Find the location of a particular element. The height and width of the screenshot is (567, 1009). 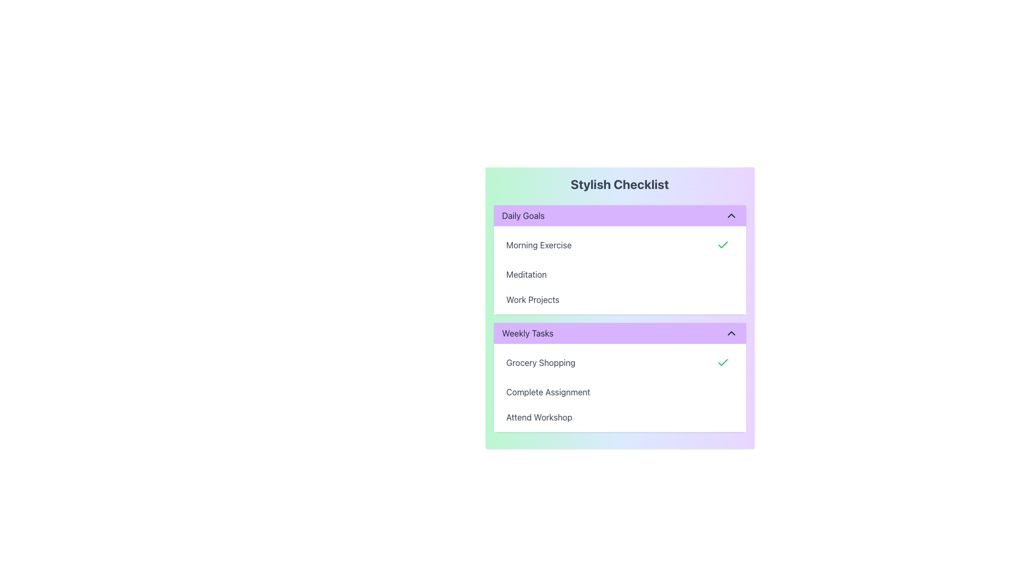

the 'Complete Assignment' task item in the 'Weekly Tasks' section to mark it as complete is located at coordinates (620, 392).